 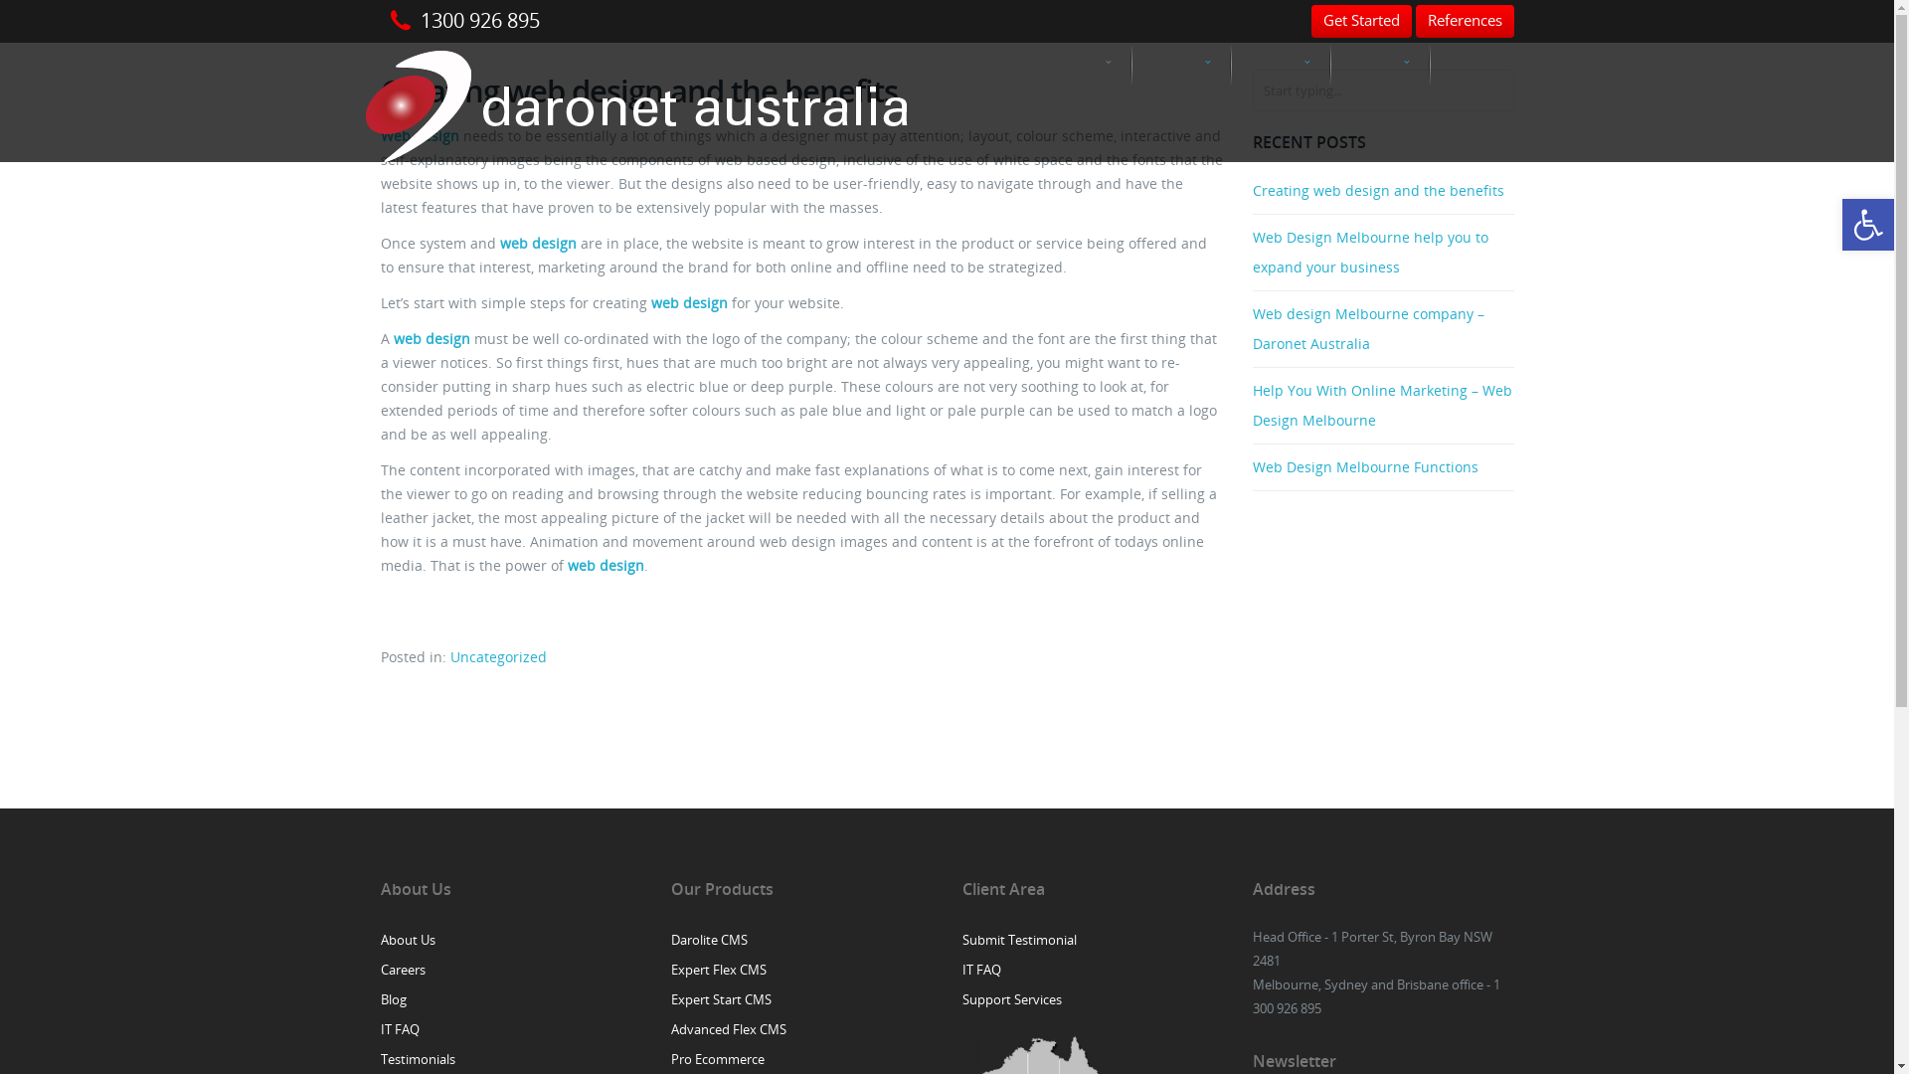 I want to click on 'Pro Ecommerce', so click(x=716, y=1057).